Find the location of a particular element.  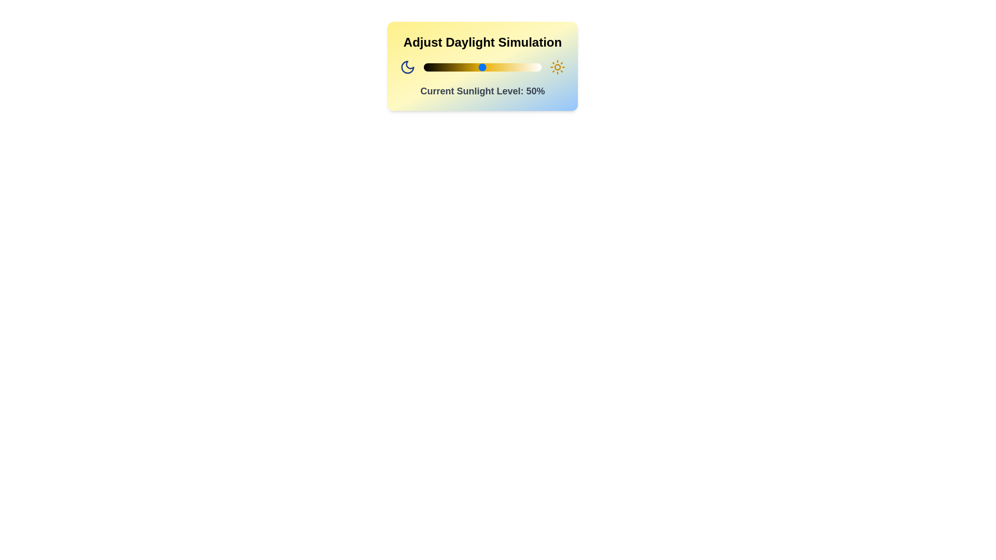

the sunlight level to 42% by interacting with the slider is located at coordinates (473, 67).